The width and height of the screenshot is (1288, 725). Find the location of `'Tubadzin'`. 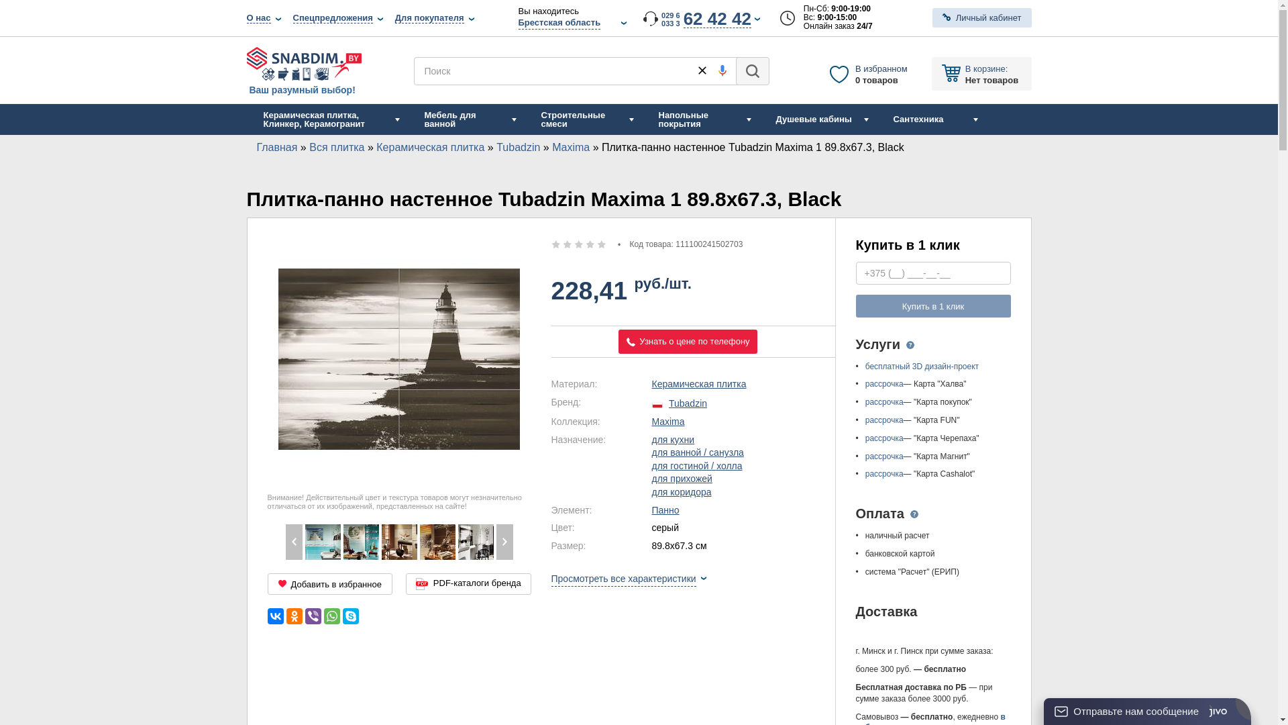

'Tubadzin' is located at coordinates (688, 403).